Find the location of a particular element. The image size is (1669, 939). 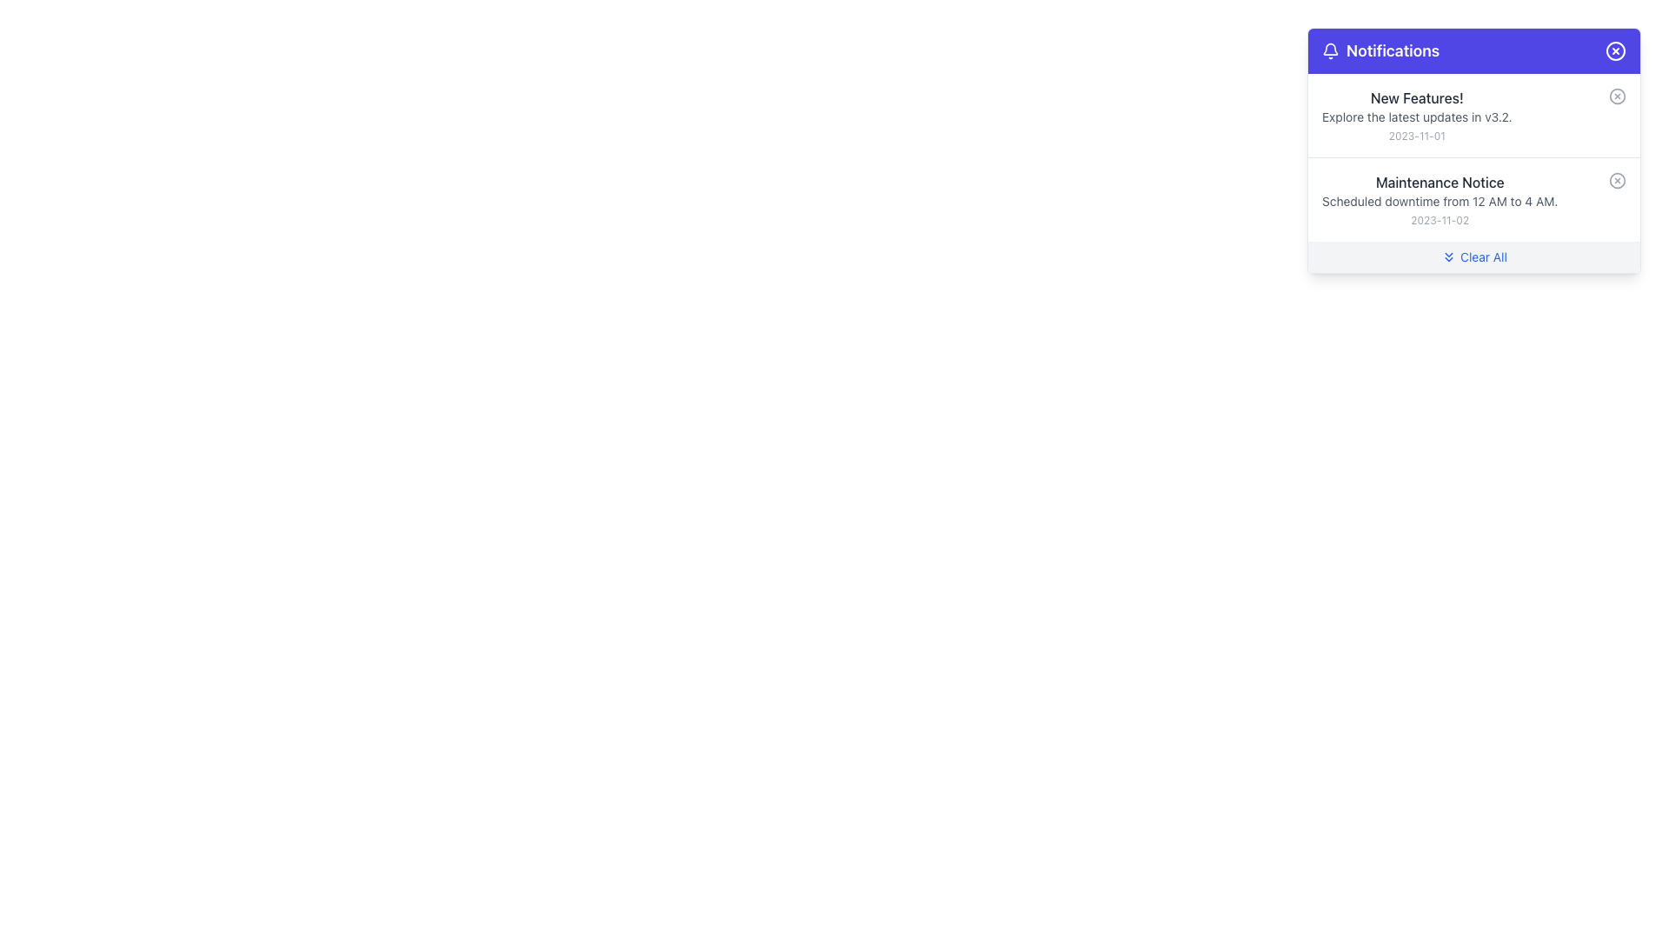

the 'Clear All' button located at the bottom of the 'Notifications' section is located at coordinates (1473, 257).